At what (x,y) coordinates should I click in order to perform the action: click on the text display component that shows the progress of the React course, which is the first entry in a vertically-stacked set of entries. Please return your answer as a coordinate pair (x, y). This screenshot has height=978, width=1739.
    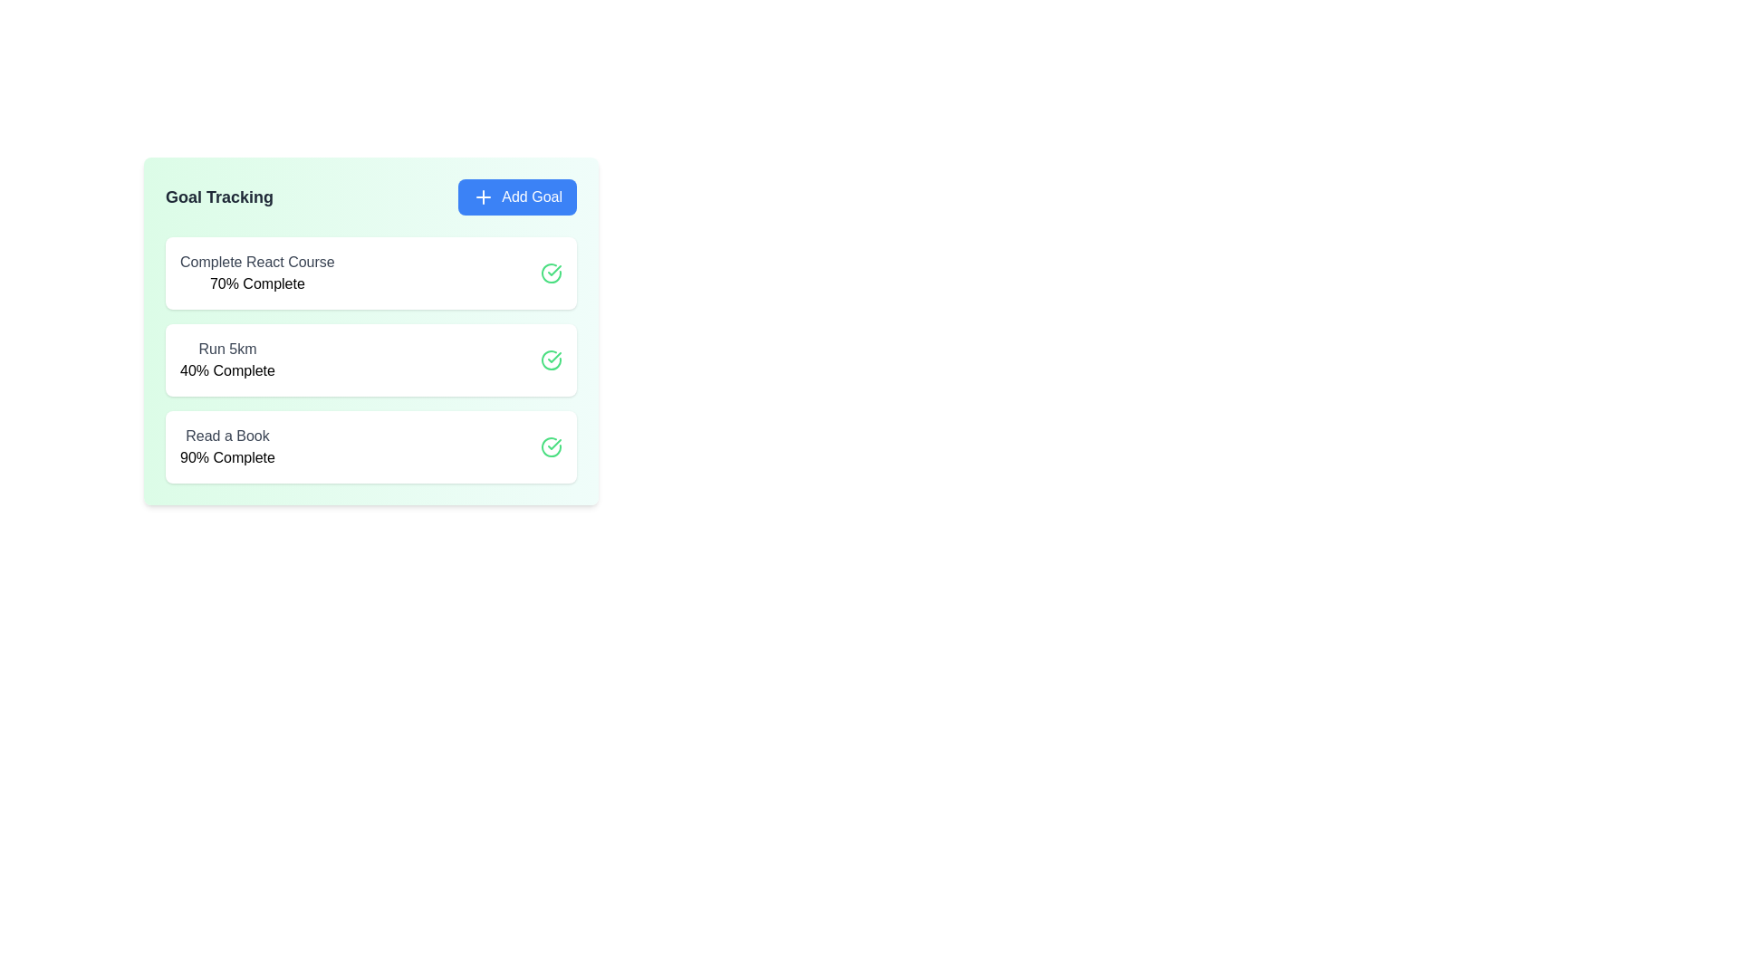
    Looking at the image, I should click on (256, 273).